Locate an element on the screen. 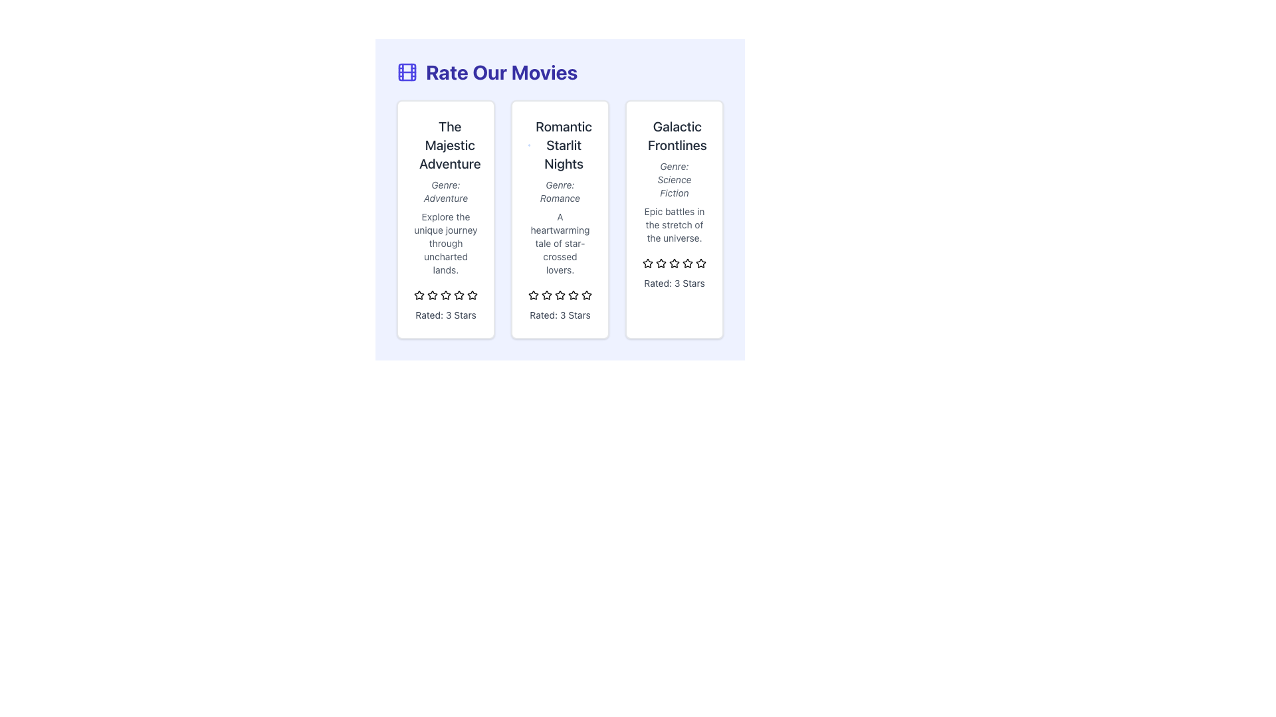 Image resolution: width=1276 pixels, height=717 pixels. the text element titled 'Romantic Starlit Nights' which is styled in a large, bold dark gray font, located in the 'Rate Our Movies' section is located at coordinates (564, 145).